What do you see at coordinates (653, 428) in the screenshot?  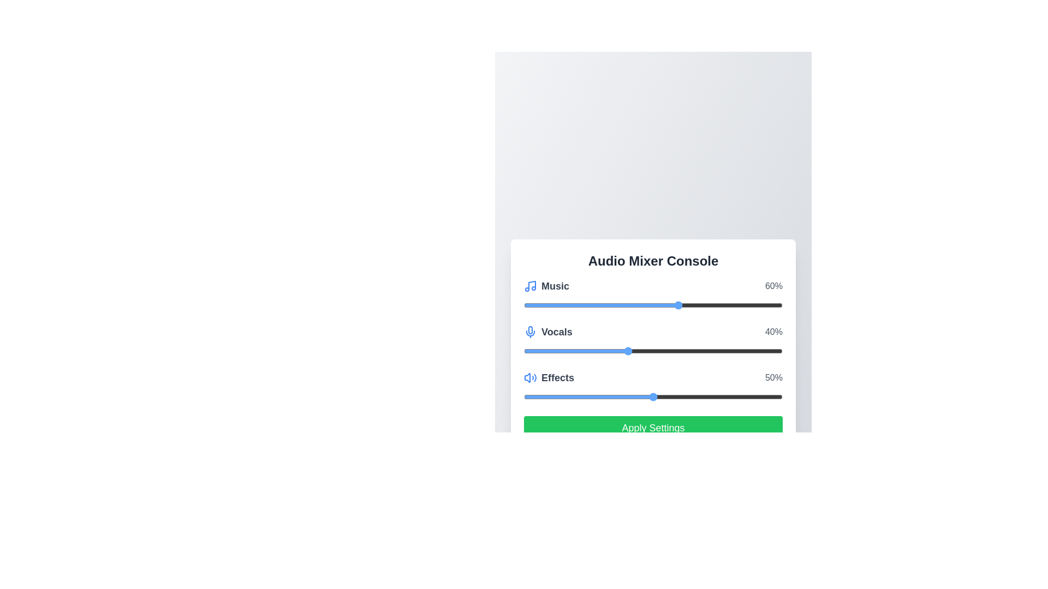 I see `the 'Apply Settings' button to apply the current audio levels` at bounding box center [653, 428].